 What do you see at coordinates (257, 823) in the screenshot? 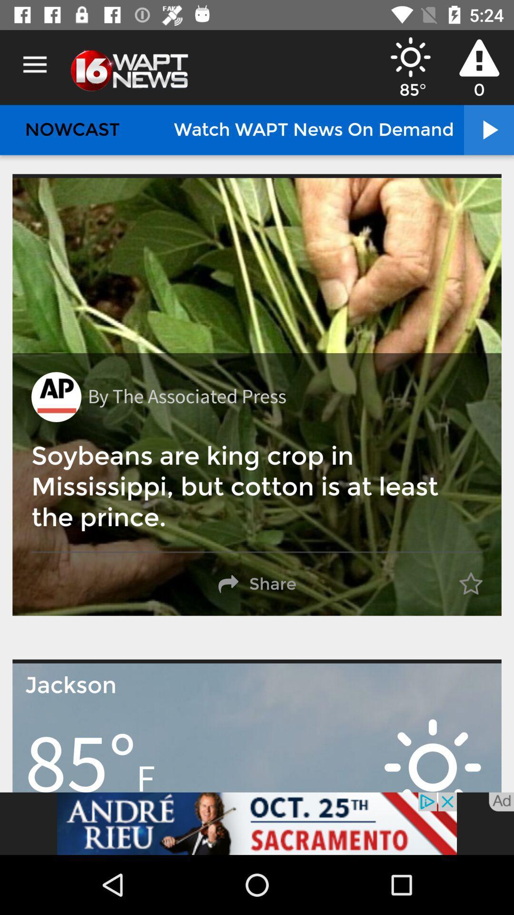
I see `visit andre rieu website` at bounding box center [257, 823].